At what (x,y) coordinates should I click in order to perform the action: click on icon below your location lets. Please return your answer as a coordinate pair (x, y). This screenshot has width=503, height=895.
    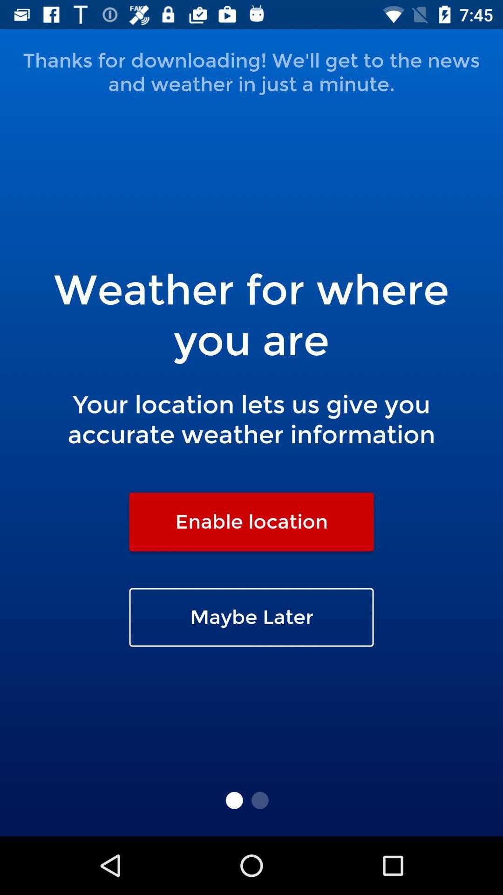
    Looking at the image, I should click on (251, 521).